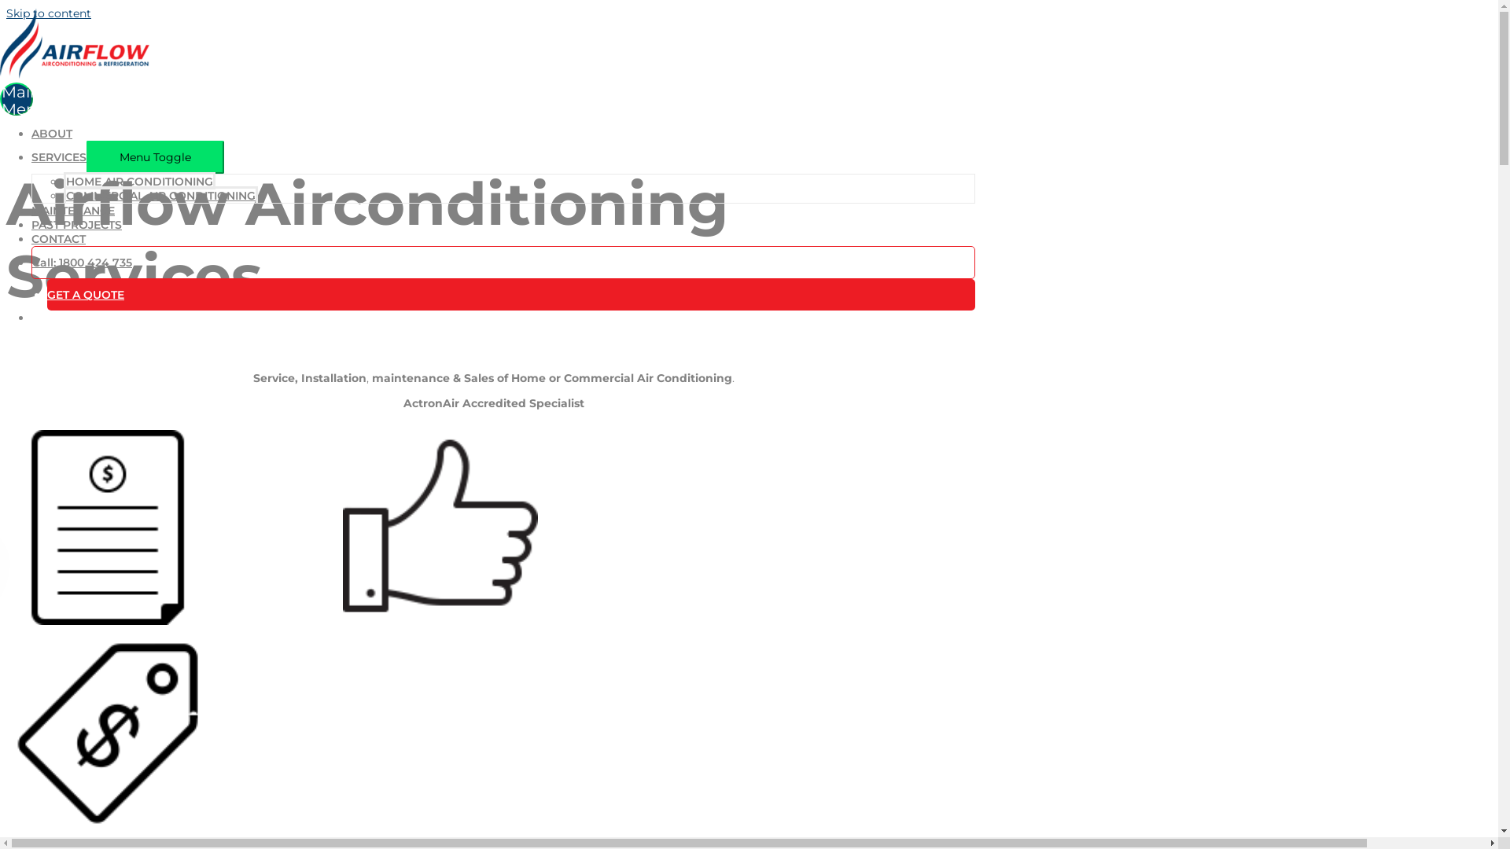 This screenshot has height=849, width=1510. Describe the element at coordinates (0, 99) in the screenshot. I see `'Main Menu'` at that location.